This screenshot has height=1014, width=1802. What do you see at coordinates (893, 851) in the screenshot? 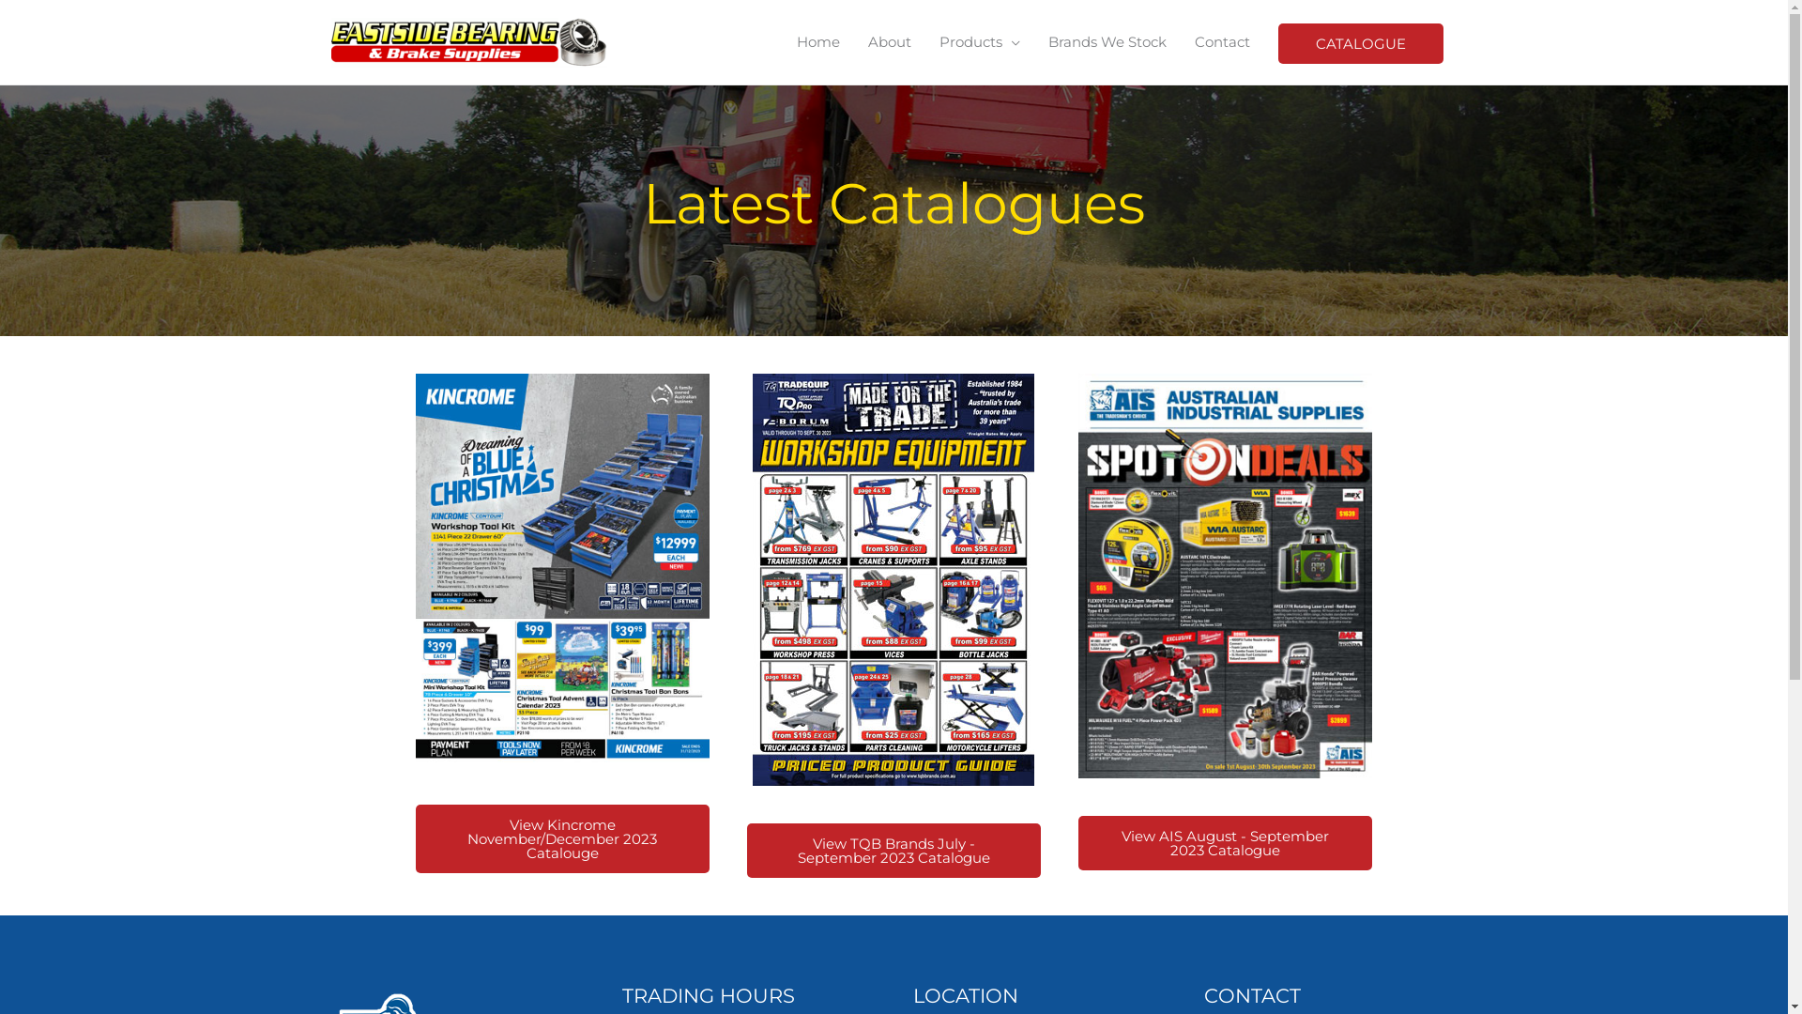
I see `'View TQB Brands July - September 2023 Catalogue'` at bounding box center [893, 851].